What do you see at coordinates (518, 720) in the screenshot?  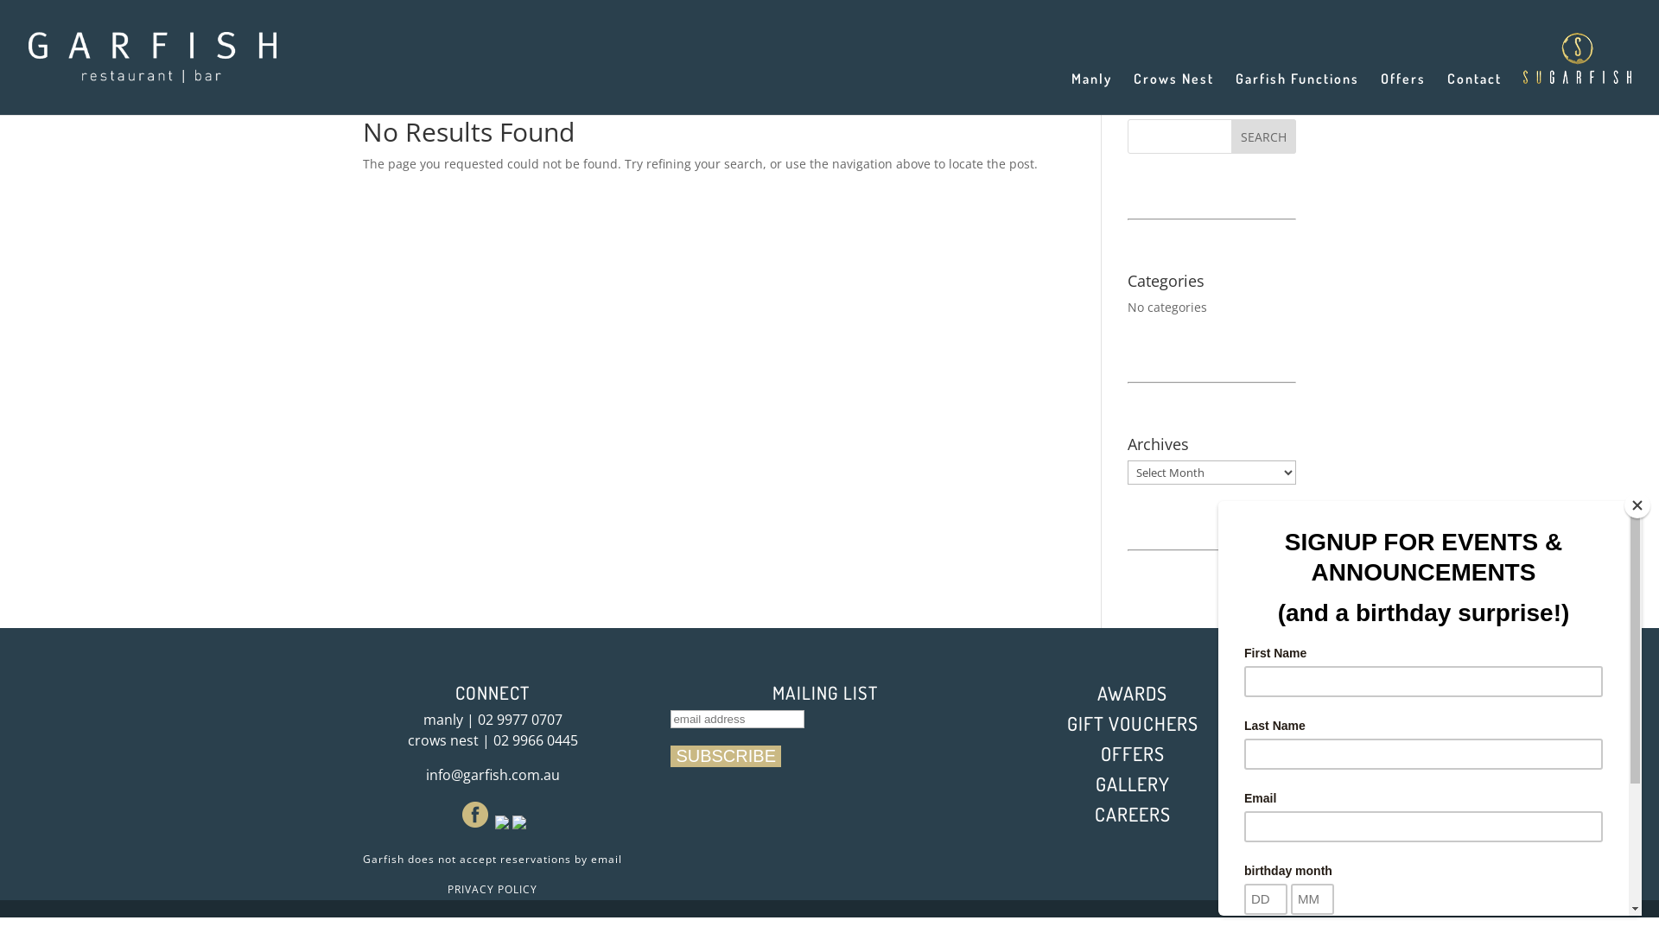 I see `'02 9977 0707'` at bounding box center [518, 720].